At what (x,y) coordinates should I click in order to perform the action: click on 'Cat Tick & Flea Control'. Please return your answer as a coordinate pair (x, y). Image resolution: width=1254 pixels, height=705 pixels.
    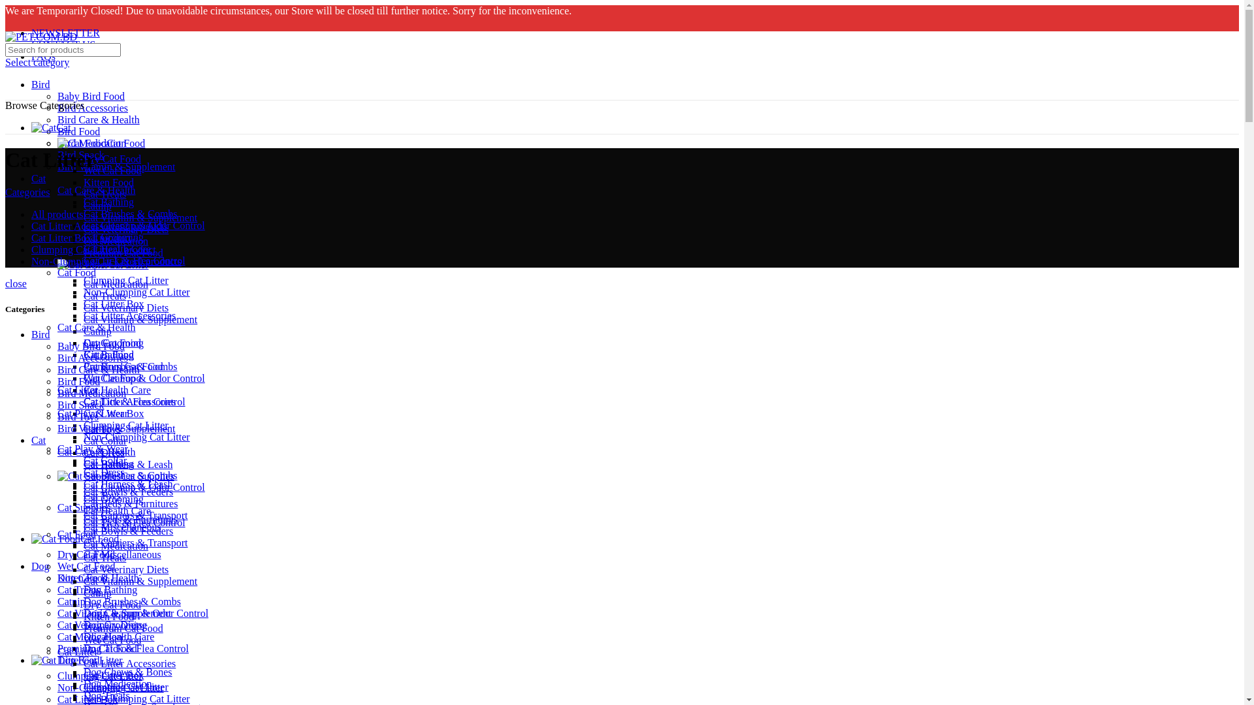
    Looking at the image, I should click on (135, 401).